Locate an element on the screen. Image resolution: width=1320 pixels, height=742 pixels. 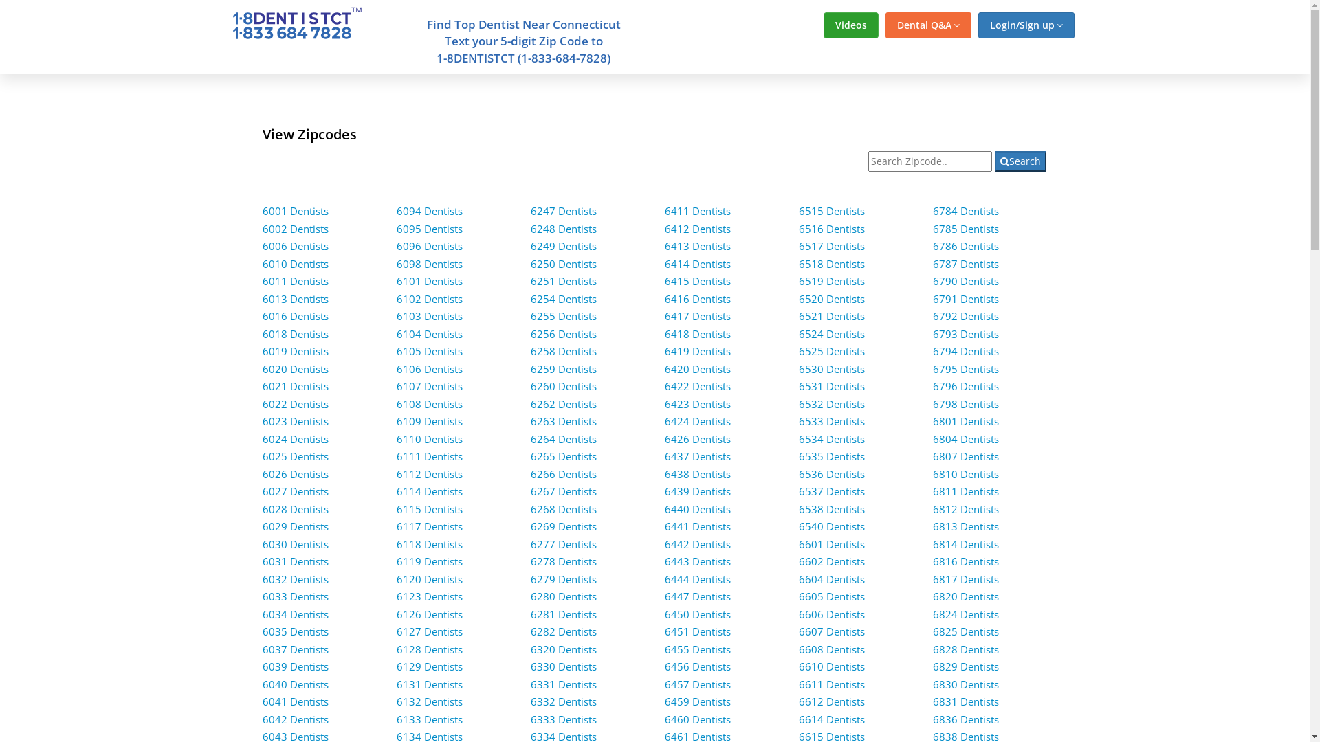
'6614 Dentists' is located at coordinates (830, 718).